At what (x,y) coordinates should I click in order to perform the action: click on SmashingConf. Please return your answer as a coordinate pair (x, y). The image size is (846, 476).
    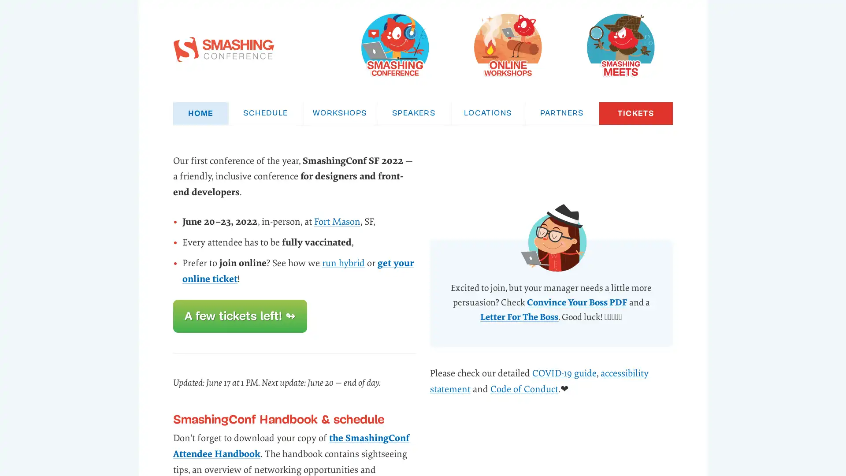
    Looking at the image, I should click on (394, 45).